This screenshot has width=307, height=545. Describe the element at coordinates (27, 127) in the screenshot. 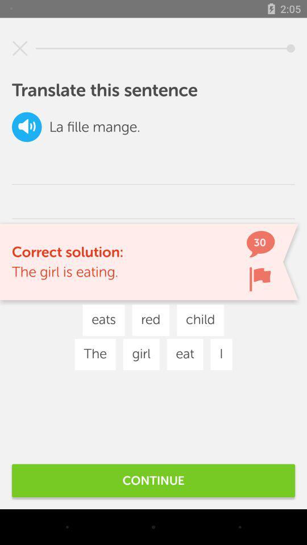

I see `audio` at that location.